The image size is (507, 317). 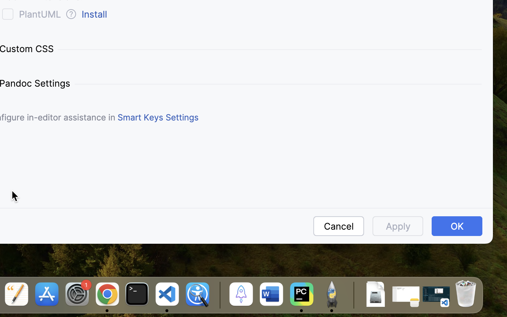 I want to click on '0.4285714328289032', so click(x=218, y=295).